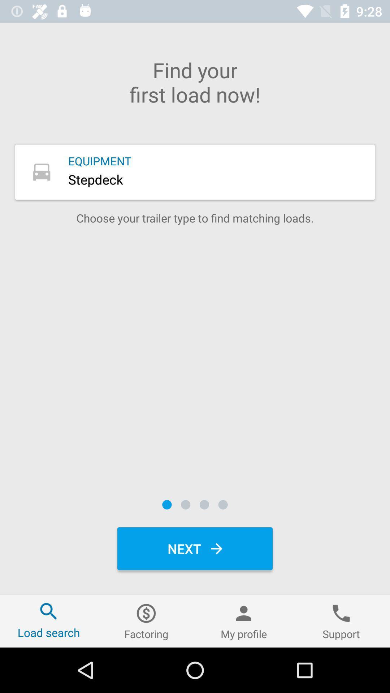  Describe the element at coordinates (244, 620) in the screenshot. I see `icon next to factoring item` at that location.